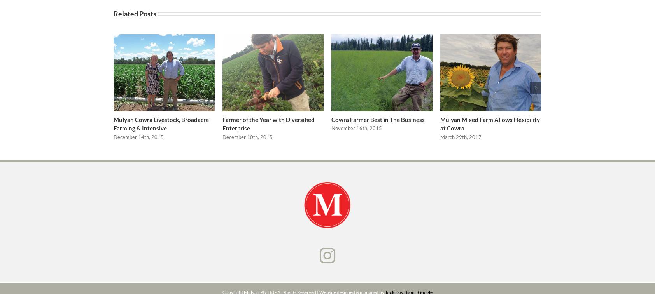 Image resolution: width=655 pixels, height=294 pixels. Describe the element at coordinates (490, 127) in the screenshot. I see `'Mulyan Mixed Farm Allows Flexibility at Cowra'` at that location.